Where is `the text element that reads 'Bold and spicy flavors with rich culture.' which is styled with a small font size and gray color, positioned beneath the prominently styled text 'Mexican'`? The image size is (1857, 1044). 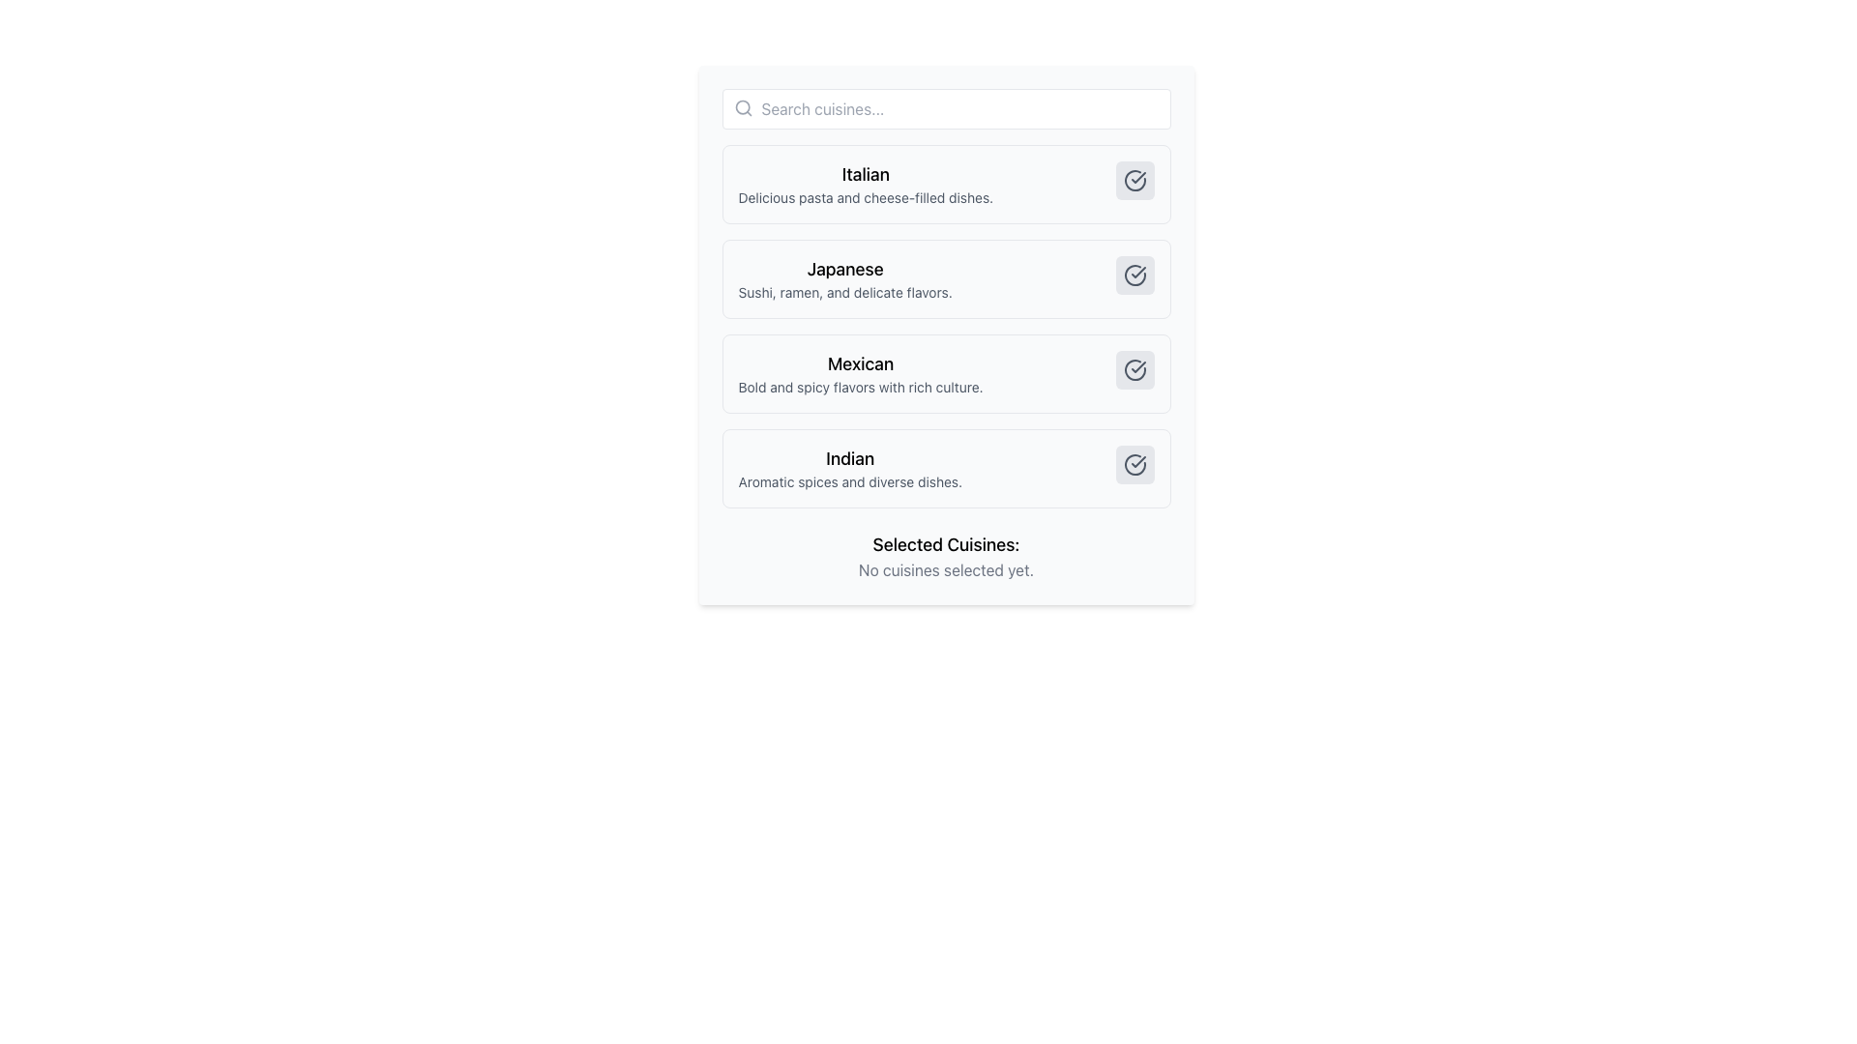
the text element that reads 'Bold and spicy flavors with rich culture.' which is styled with a small font size and gray color, positioned beneath the prominently styled text 'Mexican' is located at coordinates (860, 388).